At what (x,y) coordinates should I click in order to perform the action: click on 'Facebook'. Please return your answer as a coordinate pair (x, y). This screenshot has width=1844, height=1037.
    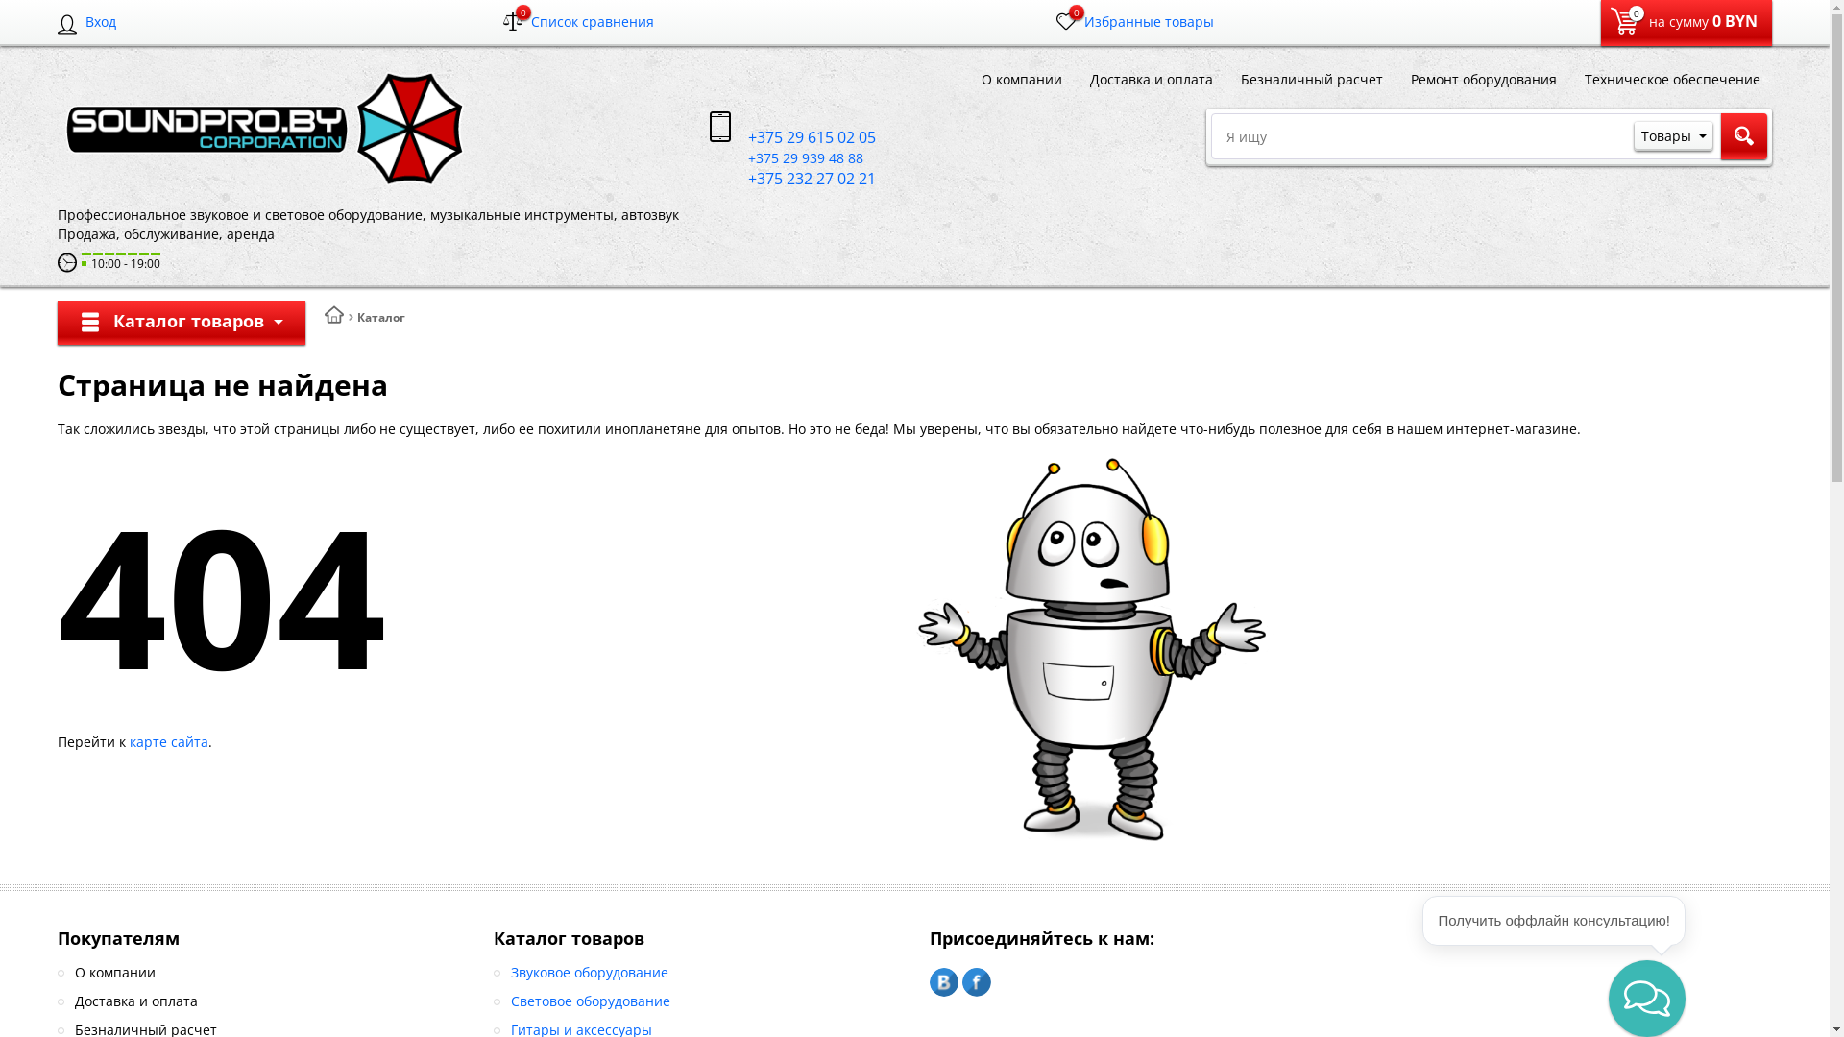
    Looking at the image, I should click on (977, 981).